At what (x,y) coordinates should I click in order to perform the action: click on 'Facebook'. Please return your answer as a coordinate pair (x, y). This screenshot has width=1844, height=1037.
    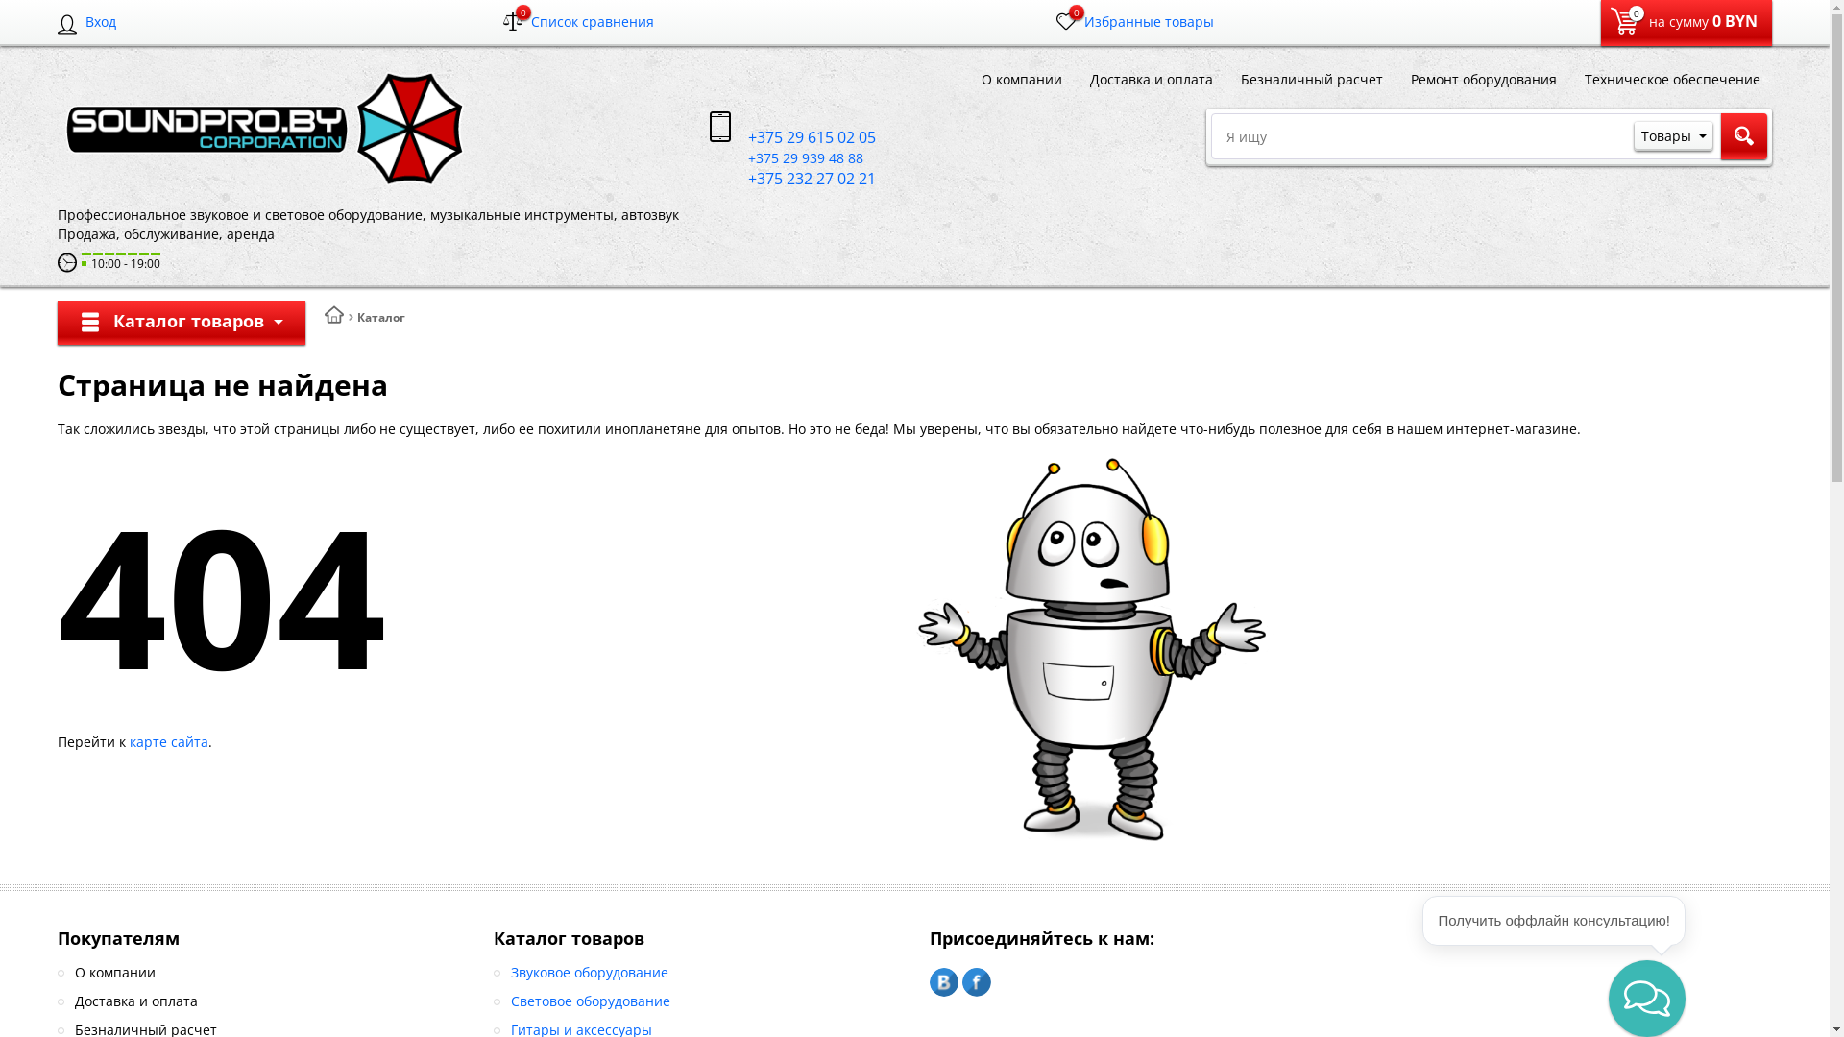
    Looking at the image, I should click on (977, 981).